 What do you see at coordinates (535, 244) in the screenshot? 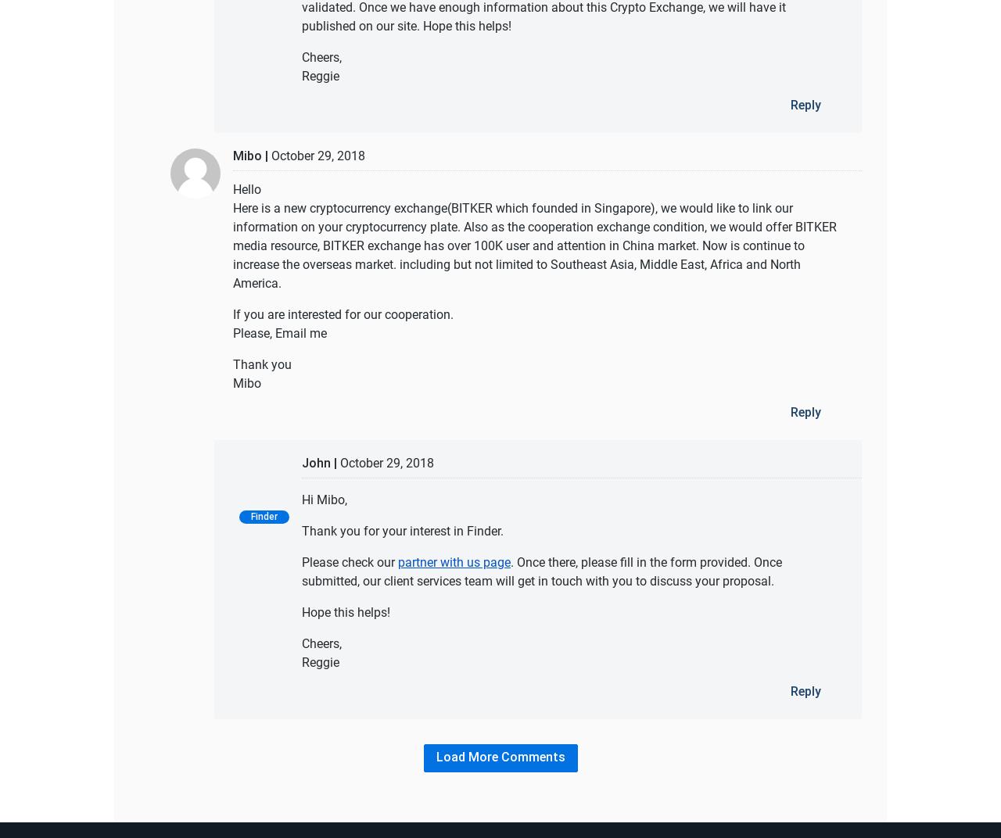
I see `'Here is a new cryptocurrency exchange(BITKER which founded in Singapore), we would like to link our information on your cryptocurrency plate. Also as the cooperation exchange condition, we would offer BITKER media resource, BITKER exchange has over 100K user and attention in China market. Now is continue to increase the overseas market. including but not limited to Southeast Asia, Middle East, Africa and North America.'` at bounding box center [535, 244].